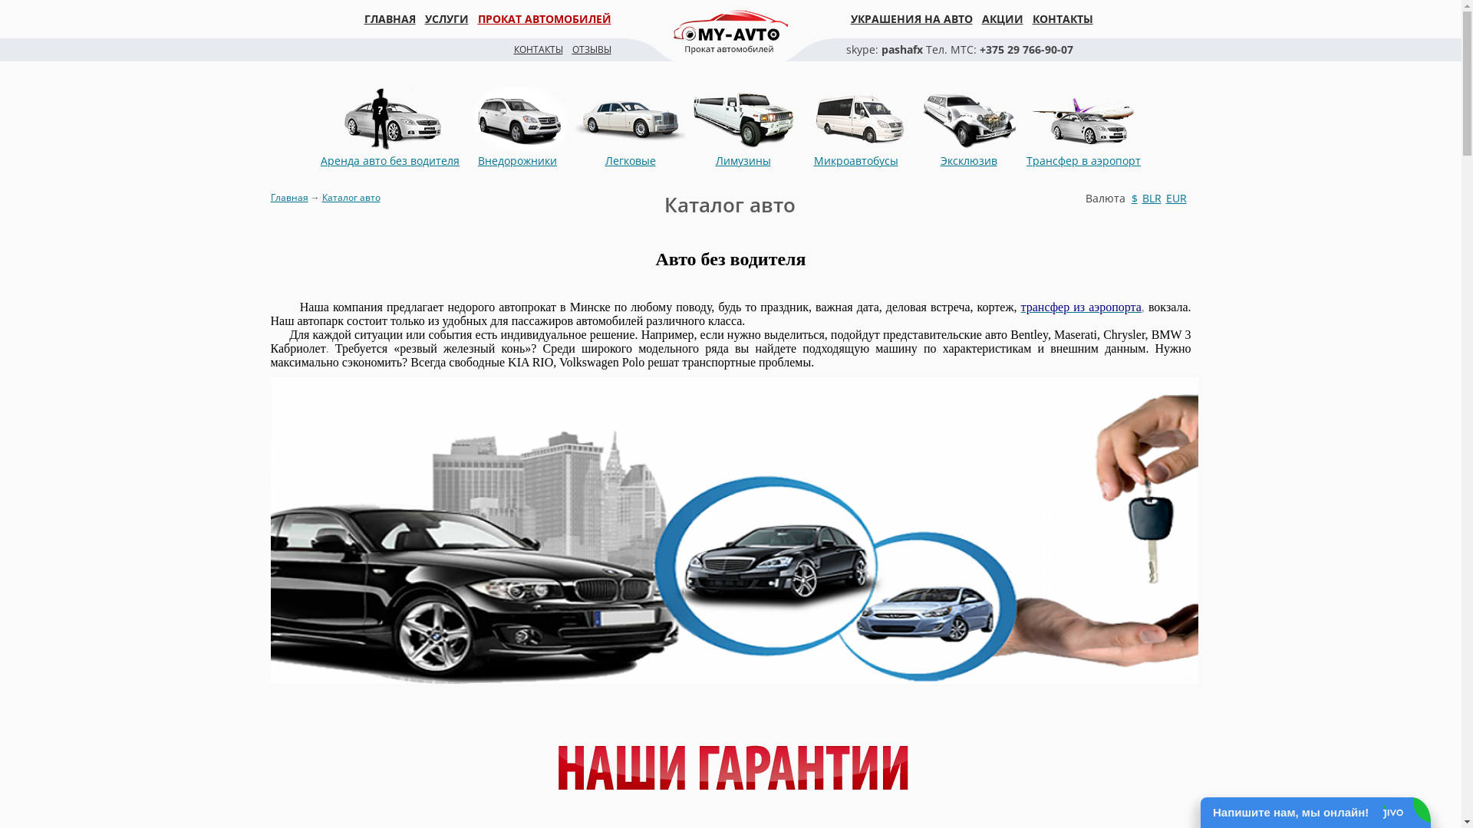 Image resolution: width=1473 pixels, height=828 pixels. What do you see at coordinates (1130, 197) in the screenshot?
I see `'$'` at bounding box center [1130, 197].